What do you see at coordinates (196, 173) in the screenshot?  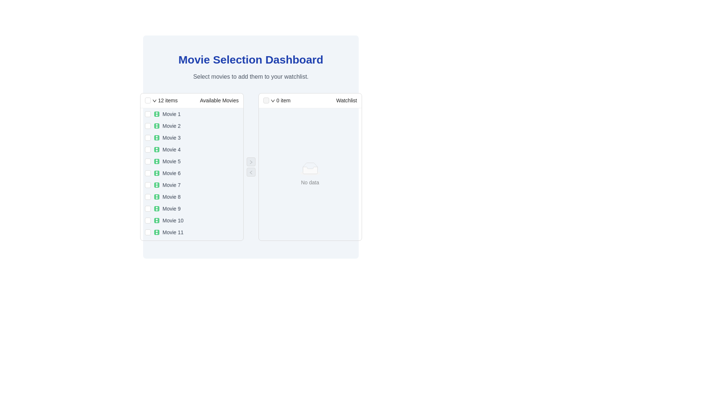 I see `the text label 'Movie 6' with the accompanying film reel icon, located in the 'Available Movies' section` at bounding box center [196, 173].